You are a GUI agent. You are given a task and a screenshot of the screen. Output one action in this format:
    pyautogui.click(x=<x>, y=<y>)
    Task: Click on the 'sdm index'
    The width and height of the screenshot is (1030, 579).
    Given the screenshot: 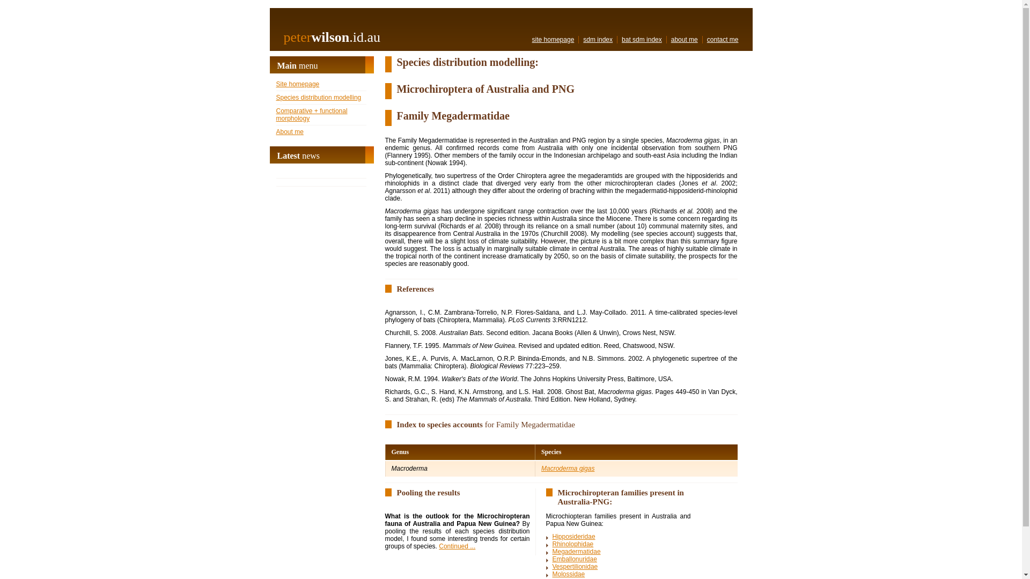 What is the action you would take?
    pyautogui.click(x=597, y=39)
    